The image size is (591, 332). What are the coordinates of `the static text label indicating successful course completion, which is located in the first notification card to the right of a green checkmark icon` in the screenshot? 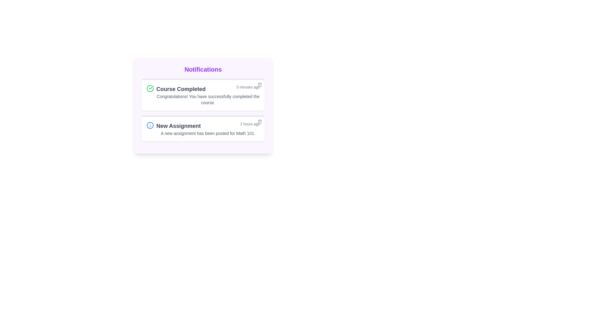 It's located at (181, 89).